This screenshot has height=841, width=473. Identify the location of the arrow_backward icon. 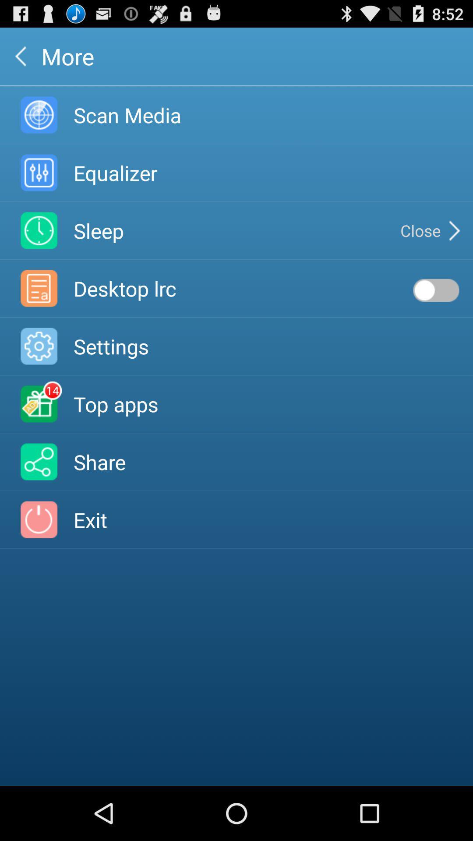
(20, 60).